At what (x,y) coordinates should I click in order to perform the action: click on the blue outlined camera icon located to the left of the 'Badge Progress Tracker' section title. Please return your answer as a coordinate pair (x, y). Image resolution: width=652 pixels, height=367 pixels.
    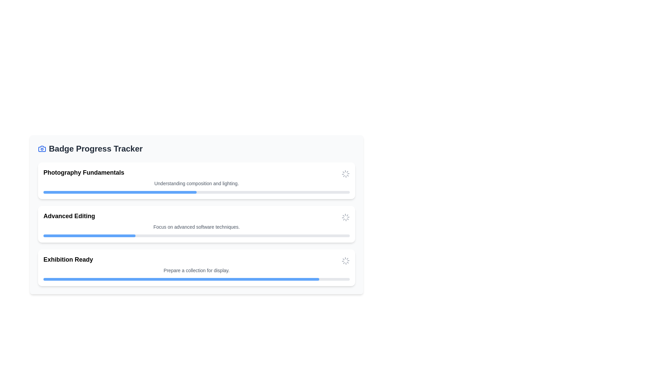
    Looking at the image, I should click on (42, 148).